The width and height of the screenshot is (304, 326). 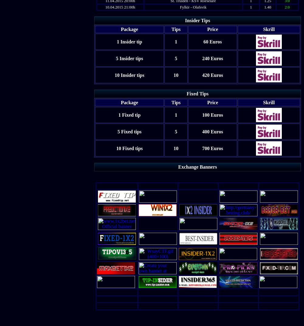 What do you see at coordinates (197, 94) in the screenshot?
I see `'Fixed Tips'` at bounding box center [197, 94].